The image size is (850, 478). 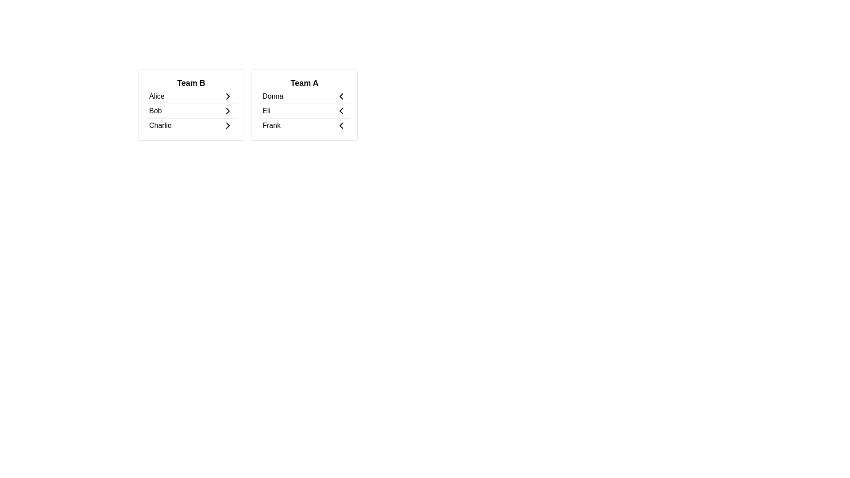 I want to click on the team member entry Eli, so click(x=304, y=111).